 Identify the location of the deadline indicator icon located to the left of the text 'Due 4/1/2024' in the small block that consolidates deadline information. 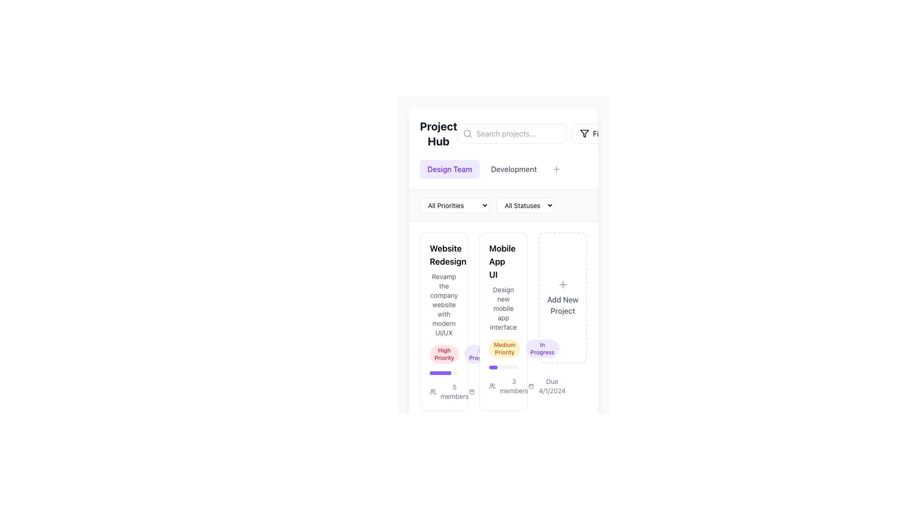
(531, 386).